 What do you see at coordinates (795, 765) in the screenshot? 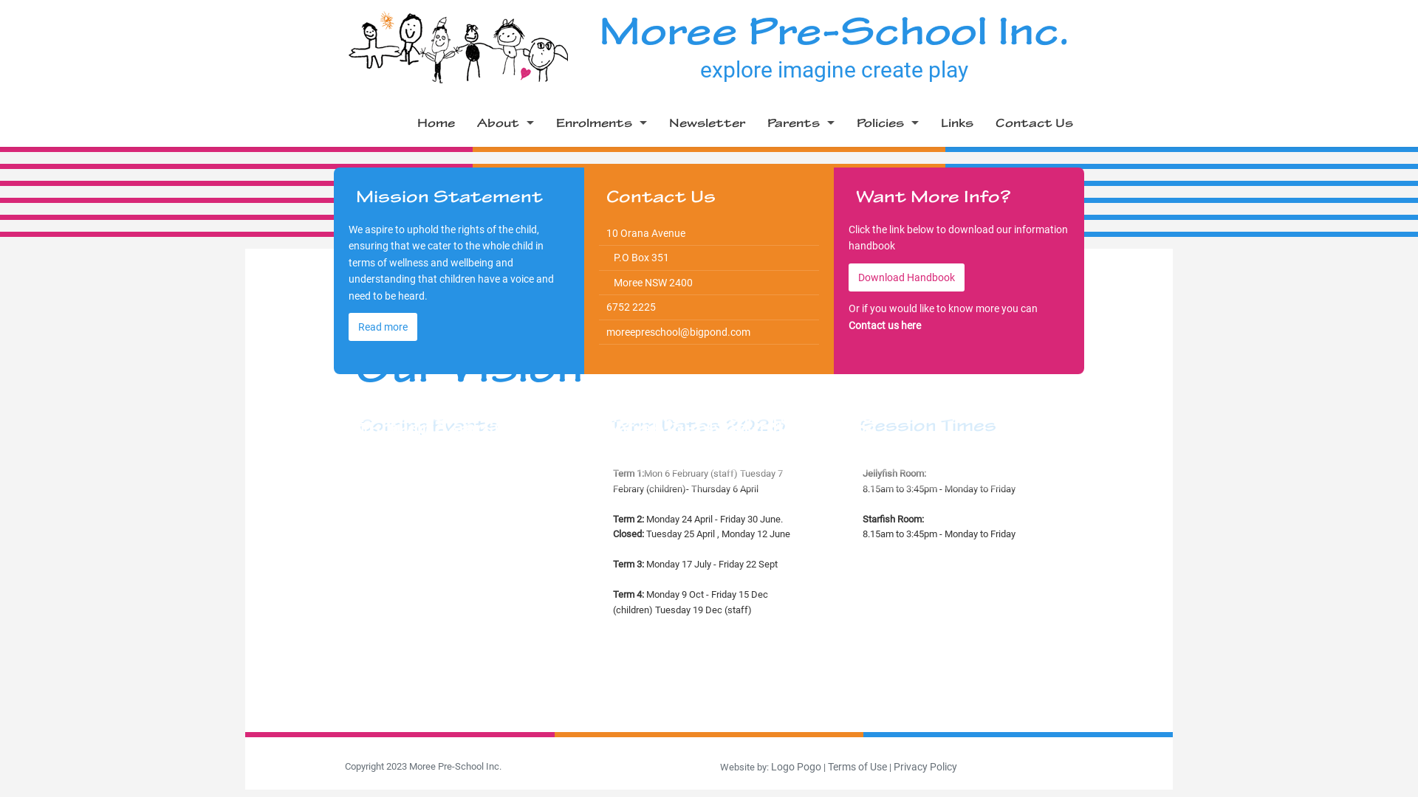
I see `'Logo Pogo'` at bounding box center [795, 765].